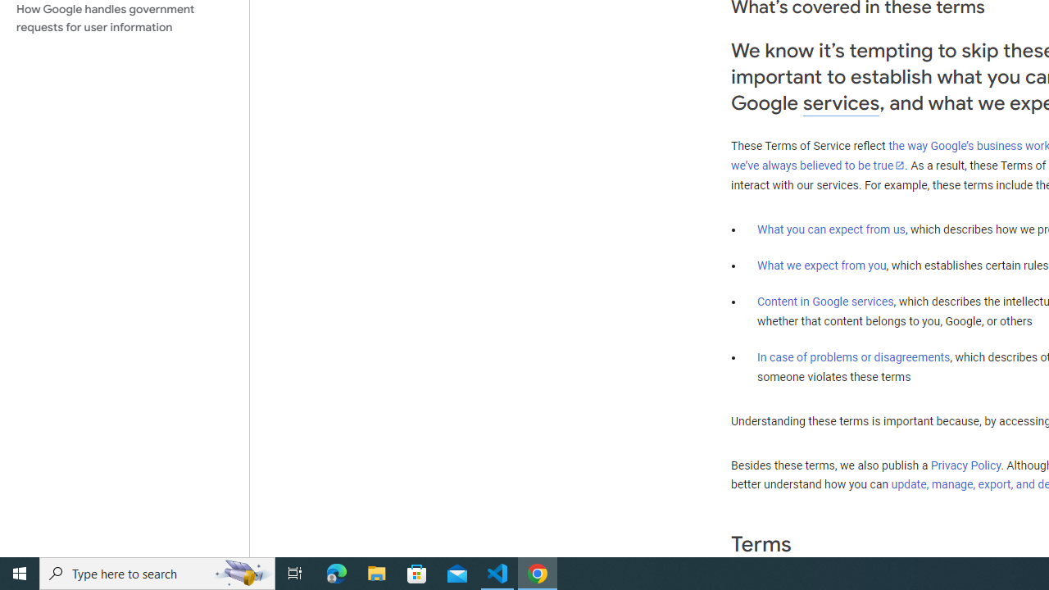 The height and width of the screenshot is (590, 1049). I want to click on 'What you can expect from us', so click(831, 229).